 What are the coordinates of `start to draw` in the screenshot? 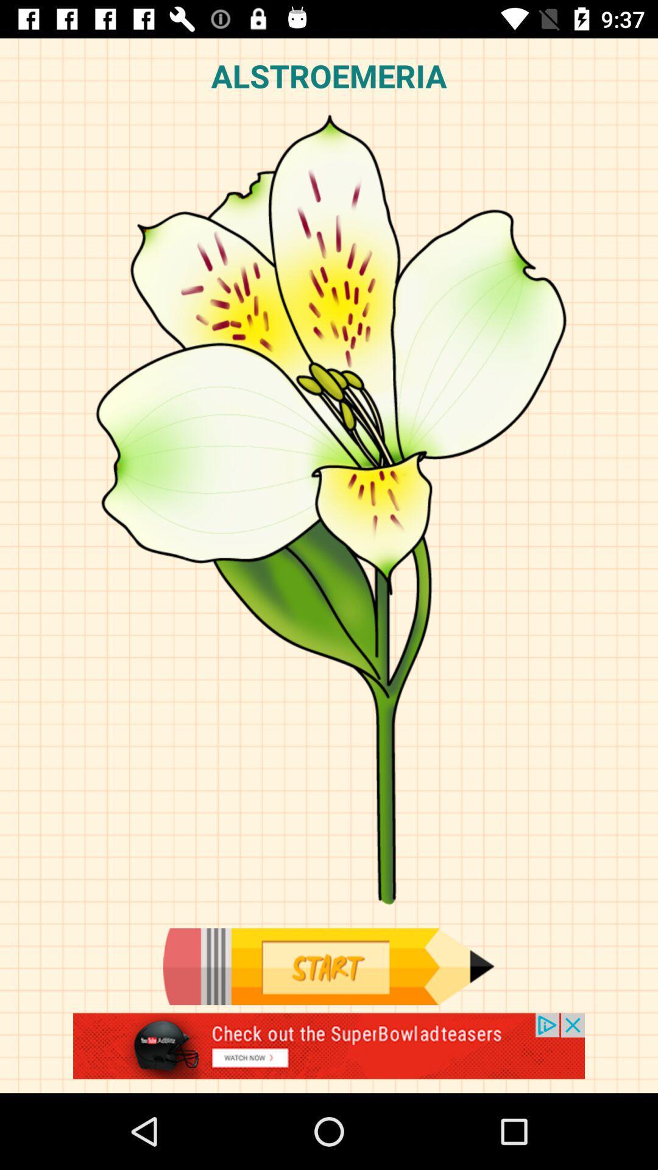 It's located at (328, 966).